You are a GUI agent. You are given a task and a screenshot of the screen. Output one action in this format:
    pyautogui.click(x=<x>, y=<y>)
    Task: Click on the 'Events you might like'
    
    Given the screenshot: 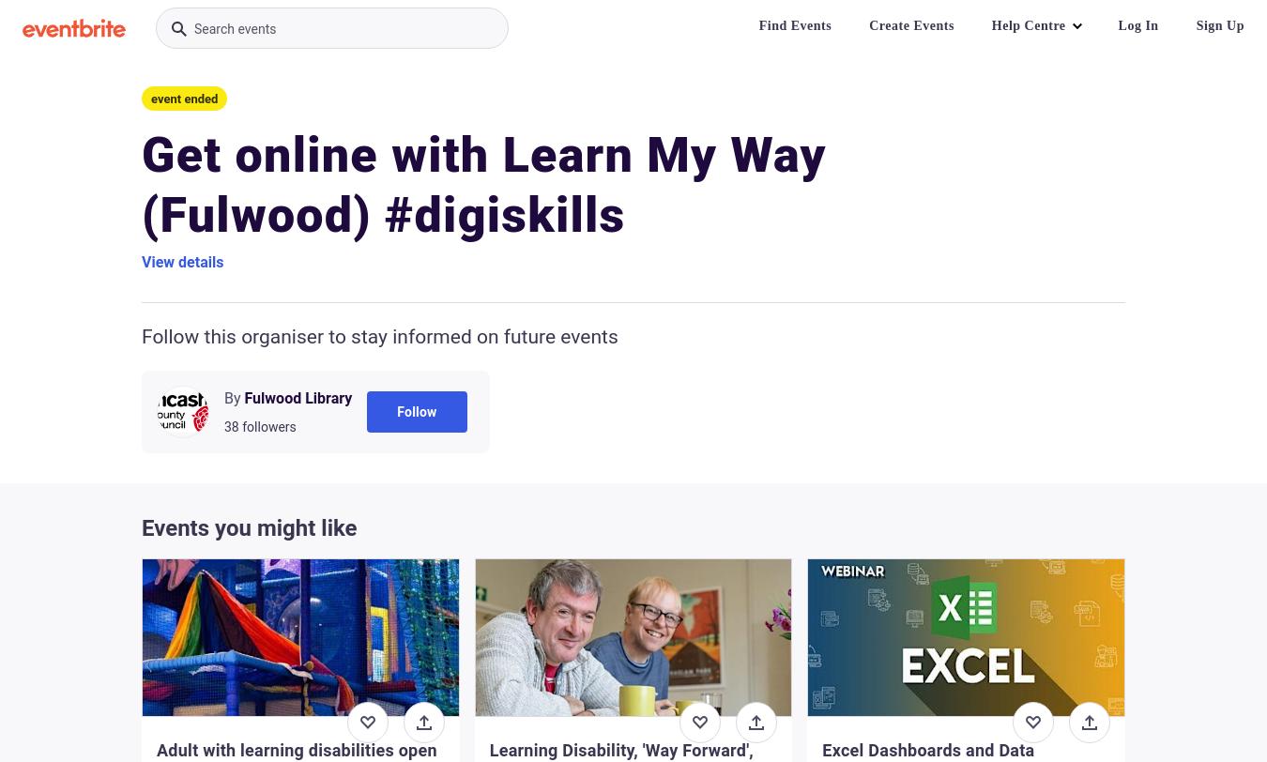 What is the action you would take?
    pyautogui.click(x=248, y=527)
    